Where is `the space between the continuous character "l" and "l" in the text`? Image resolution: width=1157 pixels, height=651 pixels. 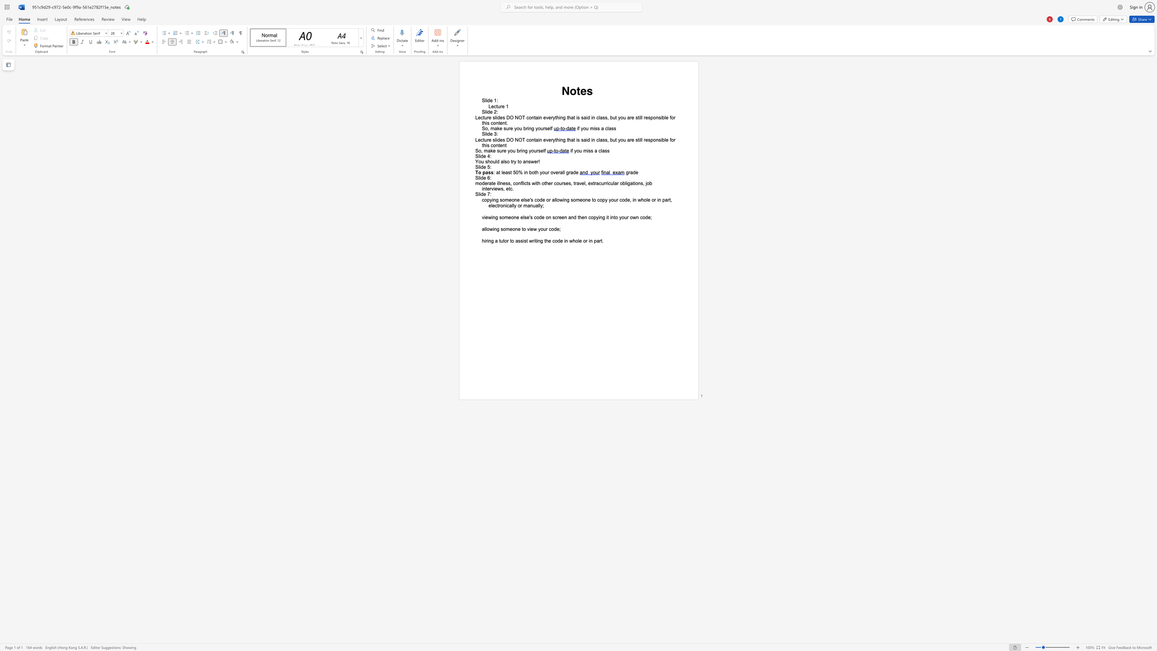 the space between the continuous character "l" and "l" in the text is located at coordinates (641, 118).